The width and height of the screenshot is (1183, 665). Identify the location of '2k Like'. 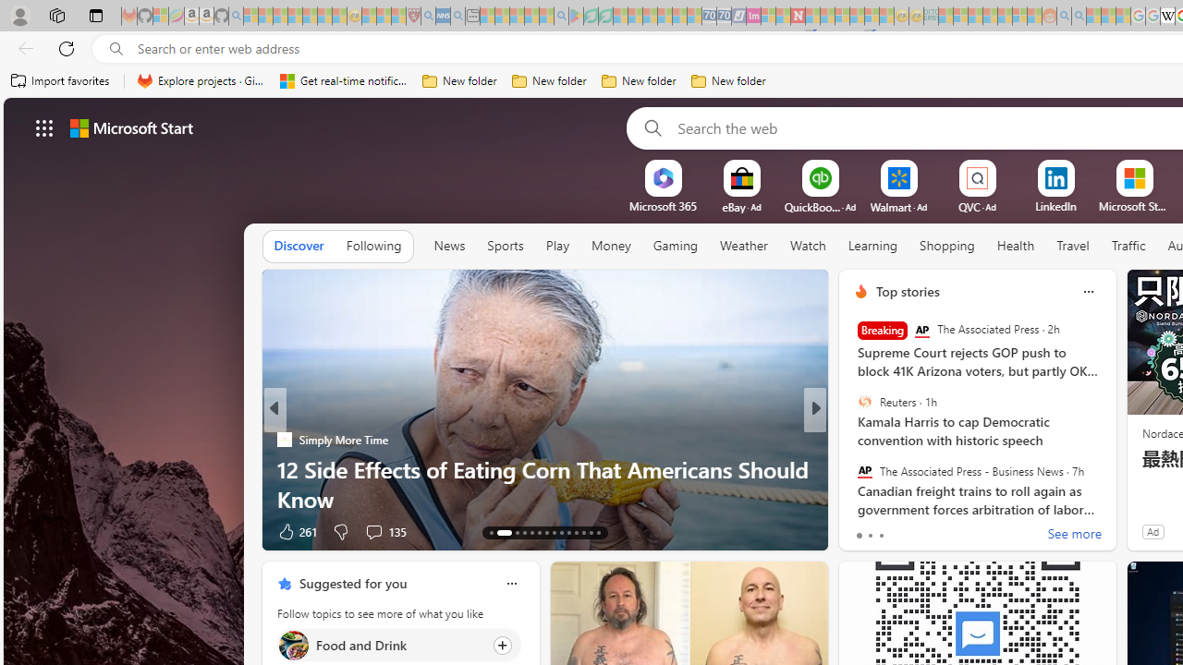
(861, 531).